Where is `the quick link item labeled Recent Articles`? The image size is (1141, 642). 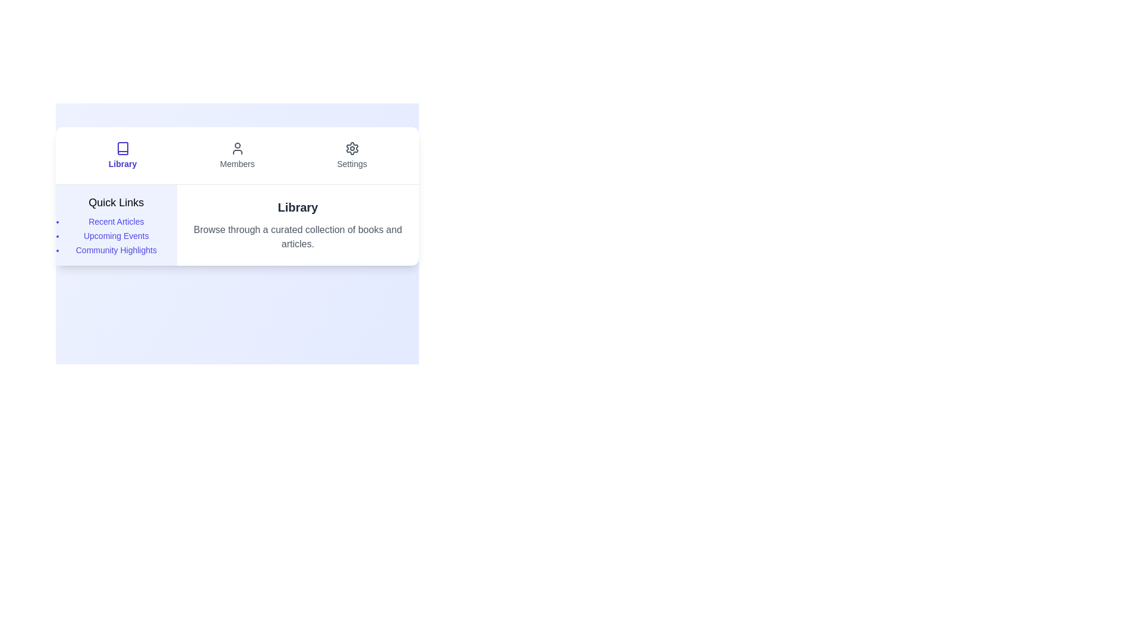 the quick link item labeled Recent Articles is located at coordinates (116, 222).